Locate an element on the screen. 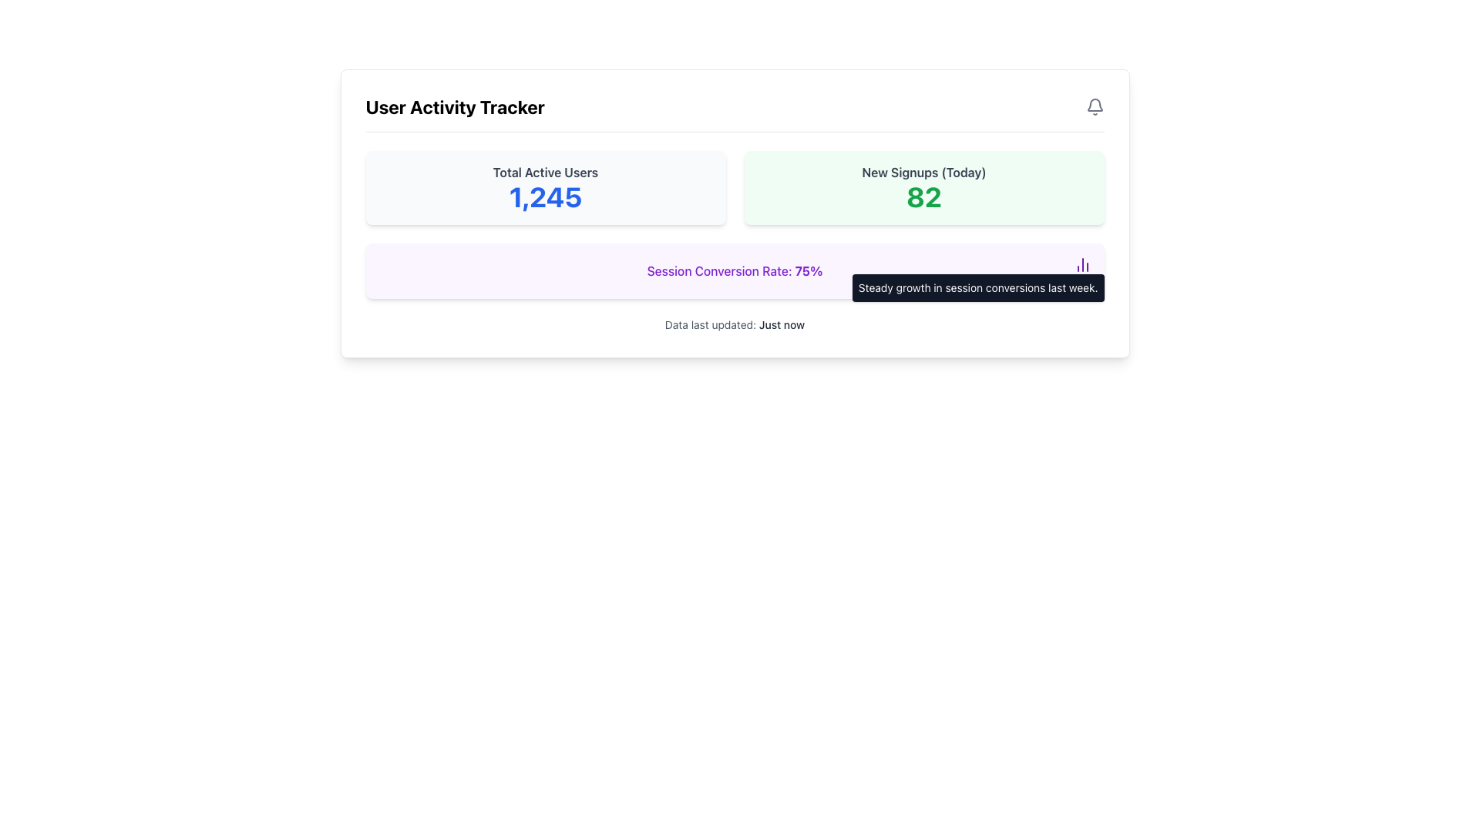 The height and width of the screenshot is (832, 1480). the Text Label displaying 'Data last updated: Just now', located at the bottom of the 'User Activity Tracker' section to understand the data's recency is located at coordinates (734, 324).